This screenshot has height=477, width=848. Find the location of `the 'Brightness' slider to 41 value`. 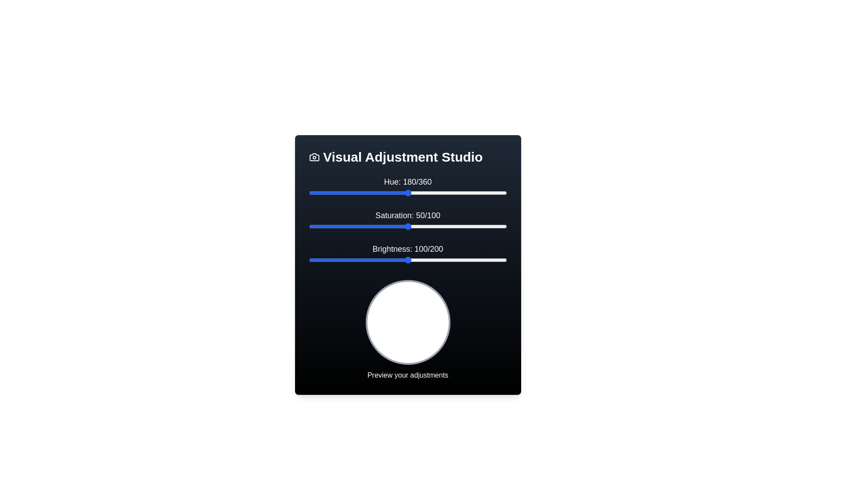

the 'Brightness' slider to 41 value is located at coordinates (349, 260).